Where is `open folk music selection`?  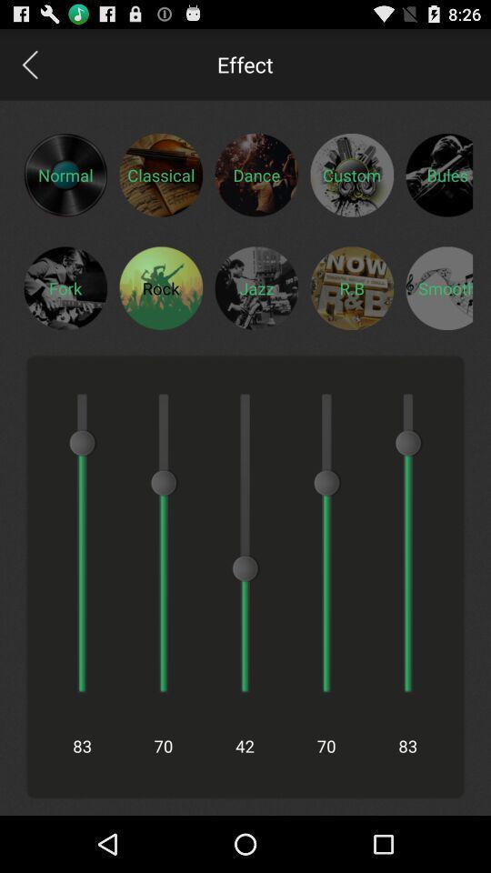
open folk music selection is located at coordinates (65, 287).